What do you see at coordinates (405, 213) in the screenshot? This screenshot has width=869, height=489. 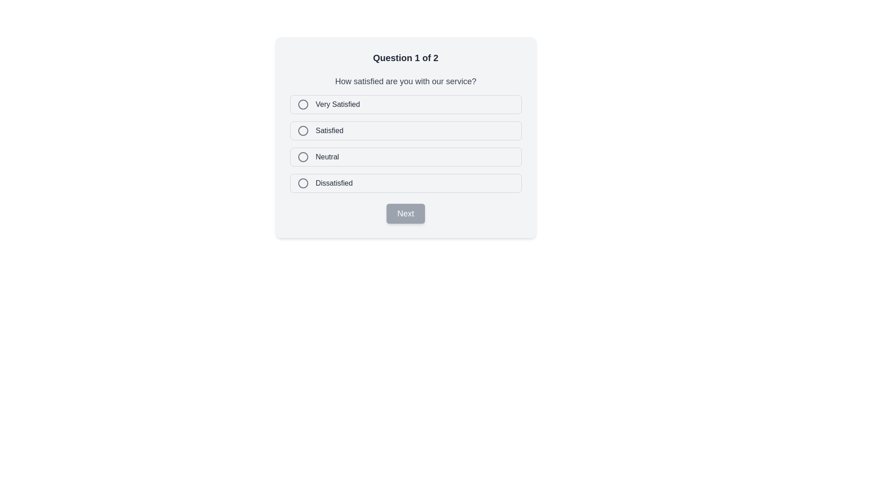 I see `the button located at the bottom of the main section, which is designed to proceed to the next step in the survey after selecting an option` at bounding box center [405, 213].